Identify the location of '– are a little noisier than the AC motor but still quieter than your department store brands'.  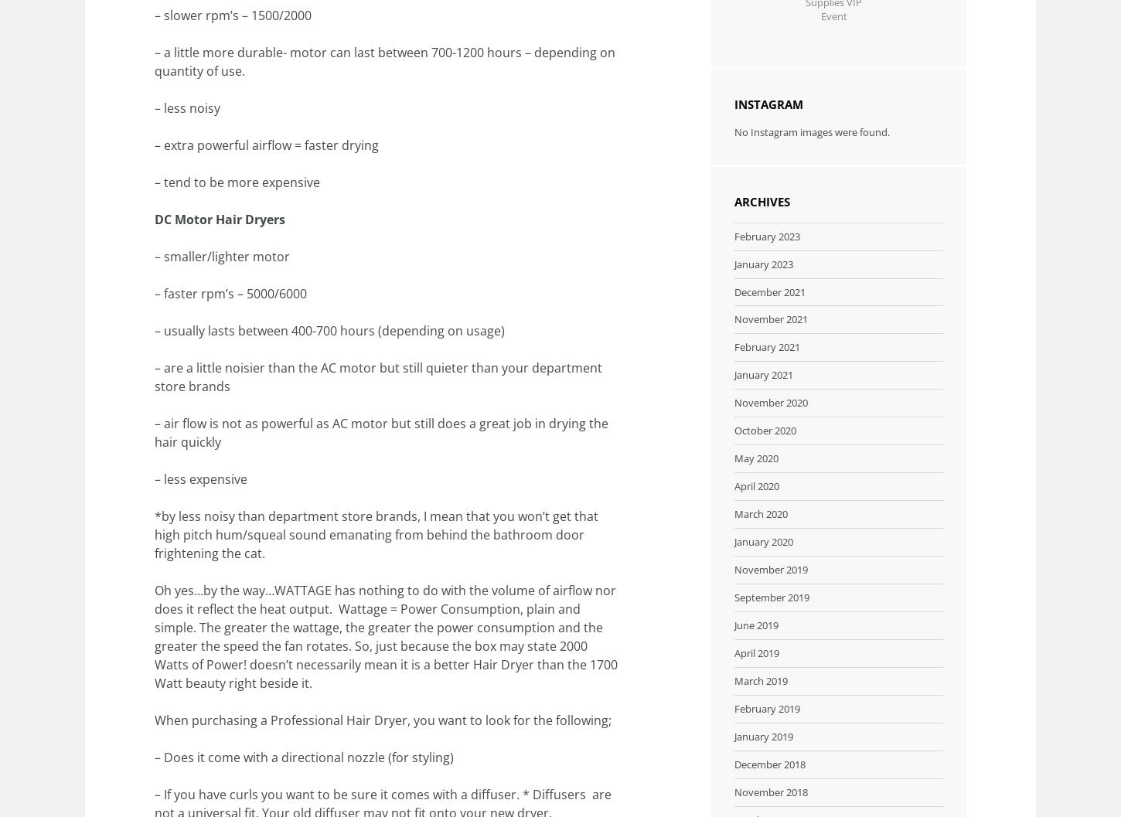
(378, 377).